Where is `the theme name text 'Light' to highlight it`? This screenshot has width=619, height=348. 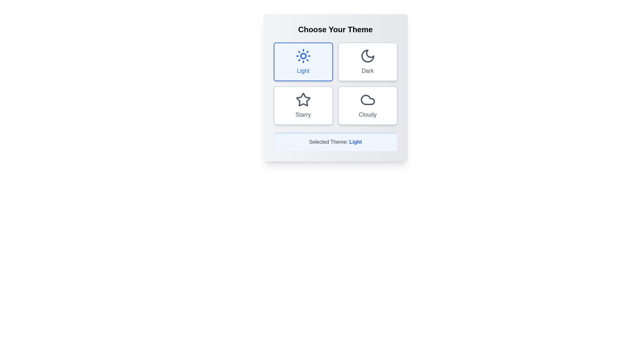
the theme name text 'Light' to highlight it is located at coordinates (355, 141).